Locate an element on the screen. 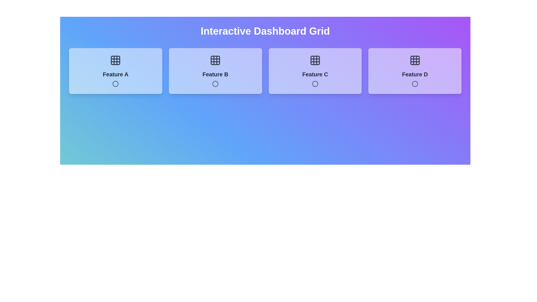  the circular graphic icon located below the label 'Feature C' to interact with it is located at coordinates (315, 84).